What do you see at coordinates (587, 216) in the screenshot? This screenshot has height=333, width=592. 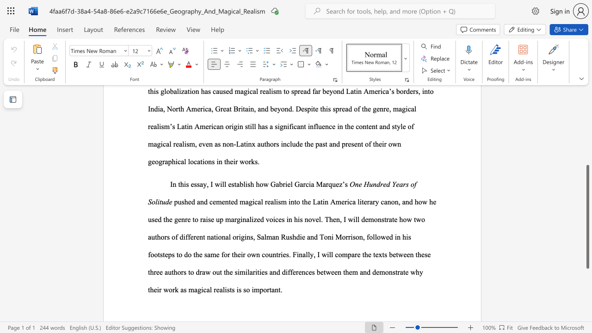 I see `the scrollbar and move up 310 pixels` at bounding box center [587, 216].